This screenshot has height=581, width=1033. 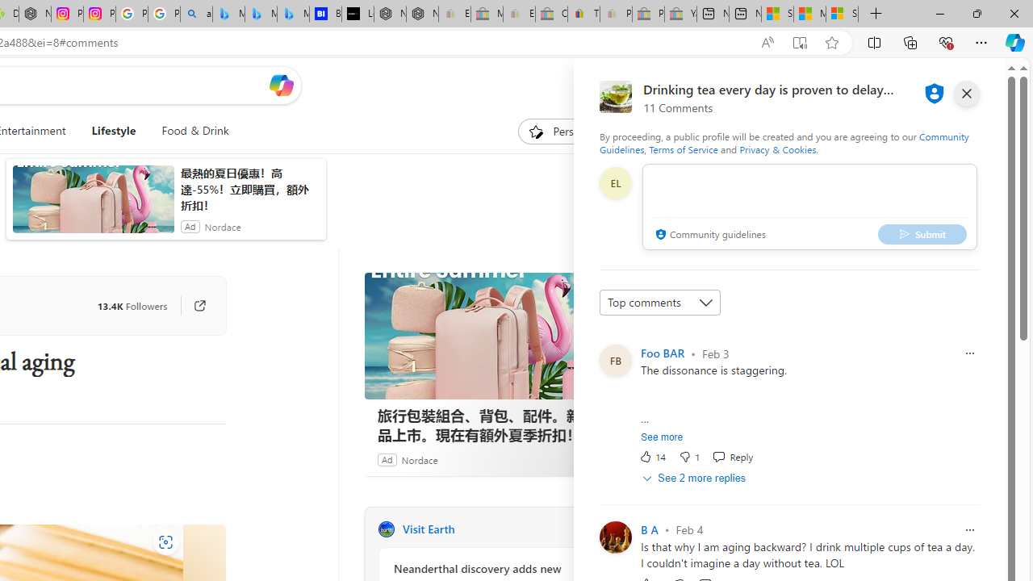 What do you see at coordinates (662, 437) in the screenshot?
I see `'See more'` at bounding box center [662, 437].